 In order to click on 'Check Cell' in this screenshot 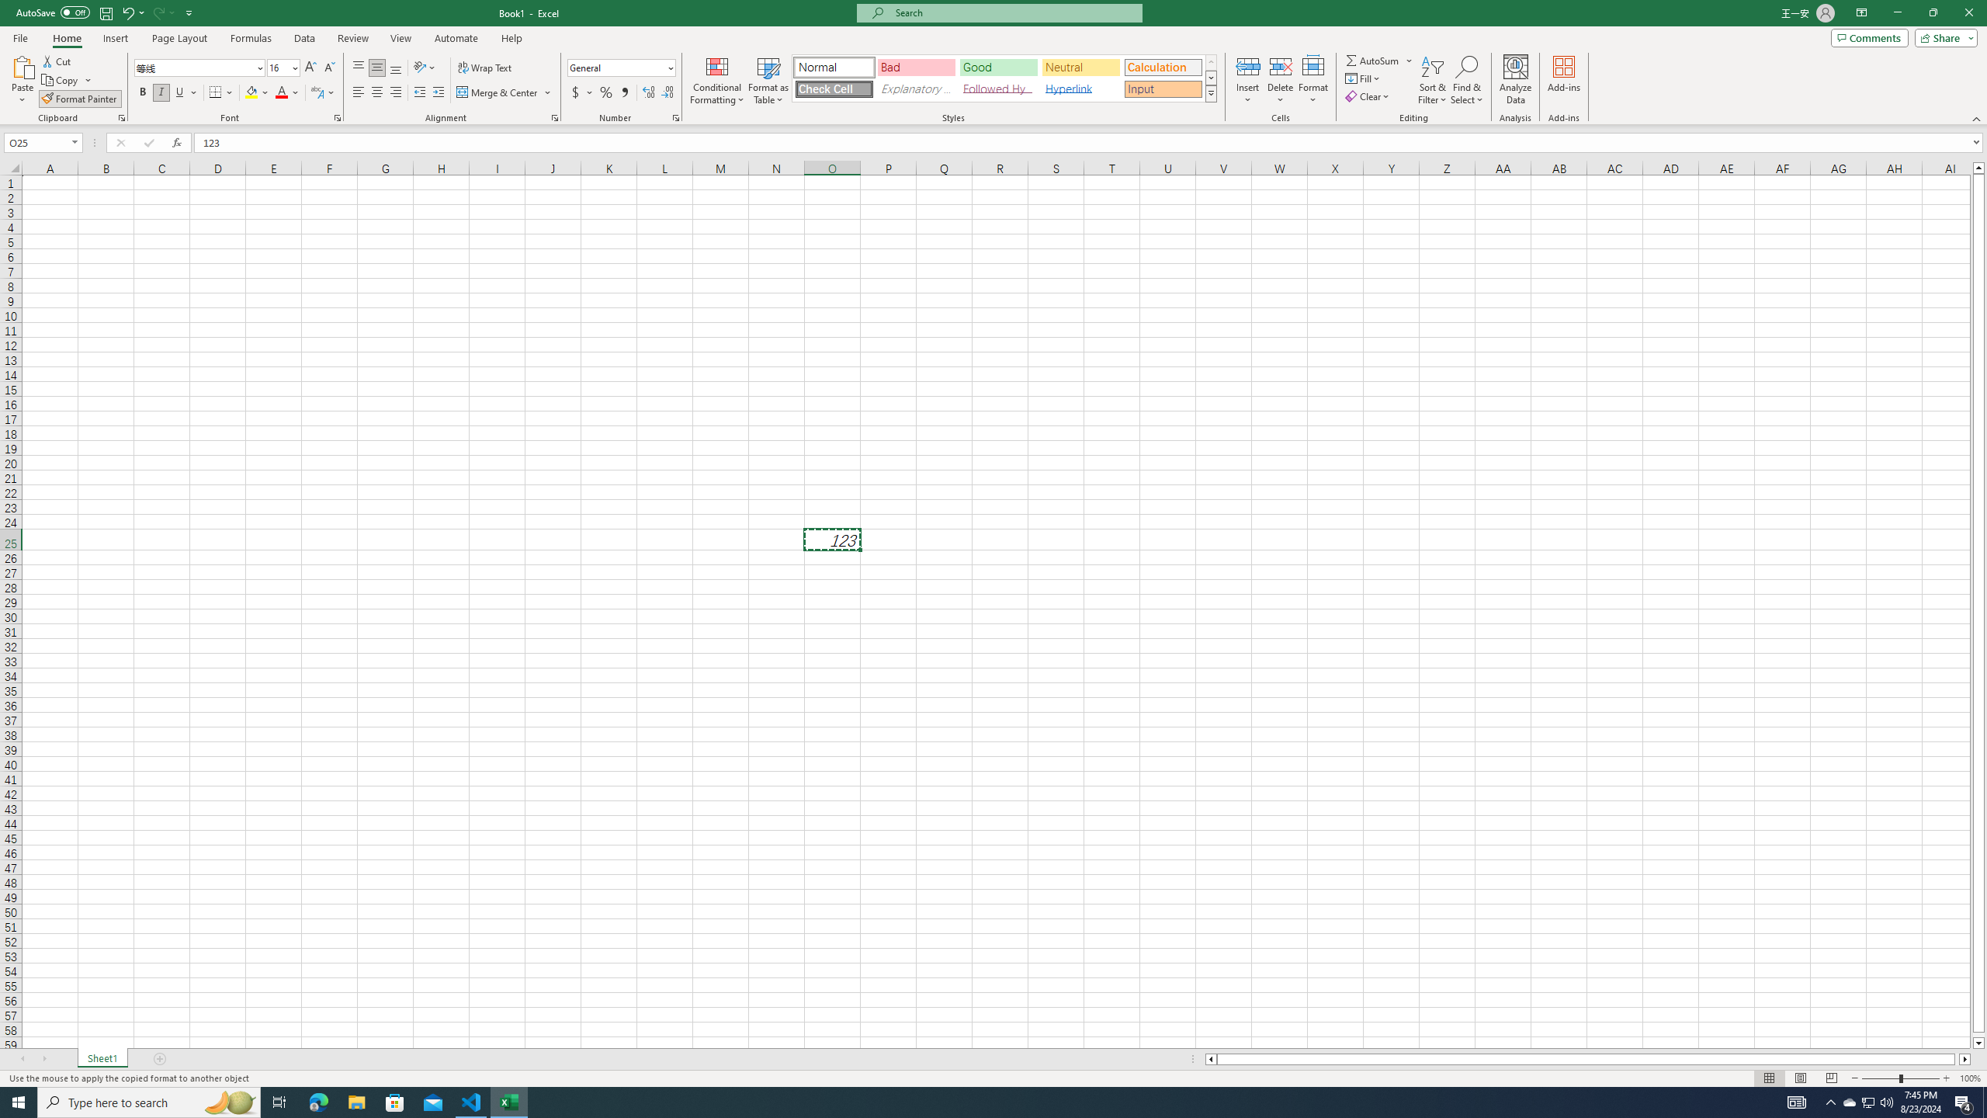, I will do `click(834, 89)`.